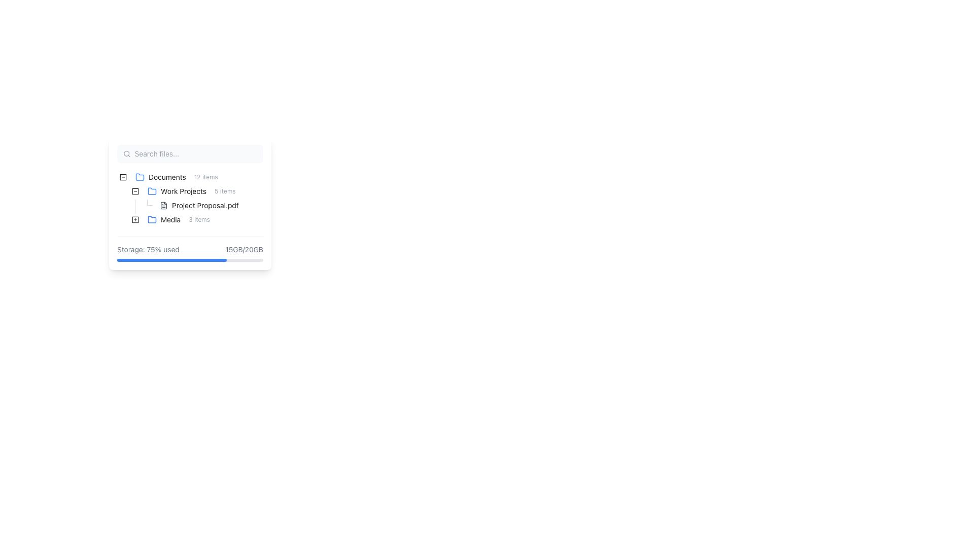  Describe the element at coordinates (151, 219) in the screenshot. I see `the blue folder icon representing the 'Media' folder, positioned to the left of the label 'Media' and the text '3 items'` at that location.